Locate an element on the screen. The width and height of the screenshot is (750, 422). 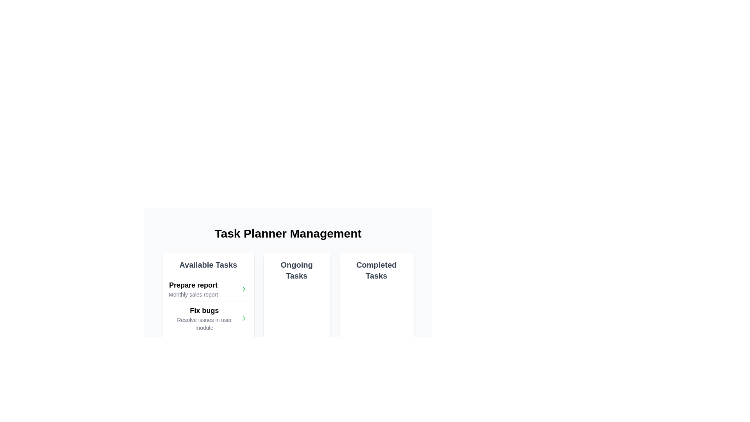
the 'Ongoing' tasks card, which is the middle card in a row of three is located at coordinates (296, 309).